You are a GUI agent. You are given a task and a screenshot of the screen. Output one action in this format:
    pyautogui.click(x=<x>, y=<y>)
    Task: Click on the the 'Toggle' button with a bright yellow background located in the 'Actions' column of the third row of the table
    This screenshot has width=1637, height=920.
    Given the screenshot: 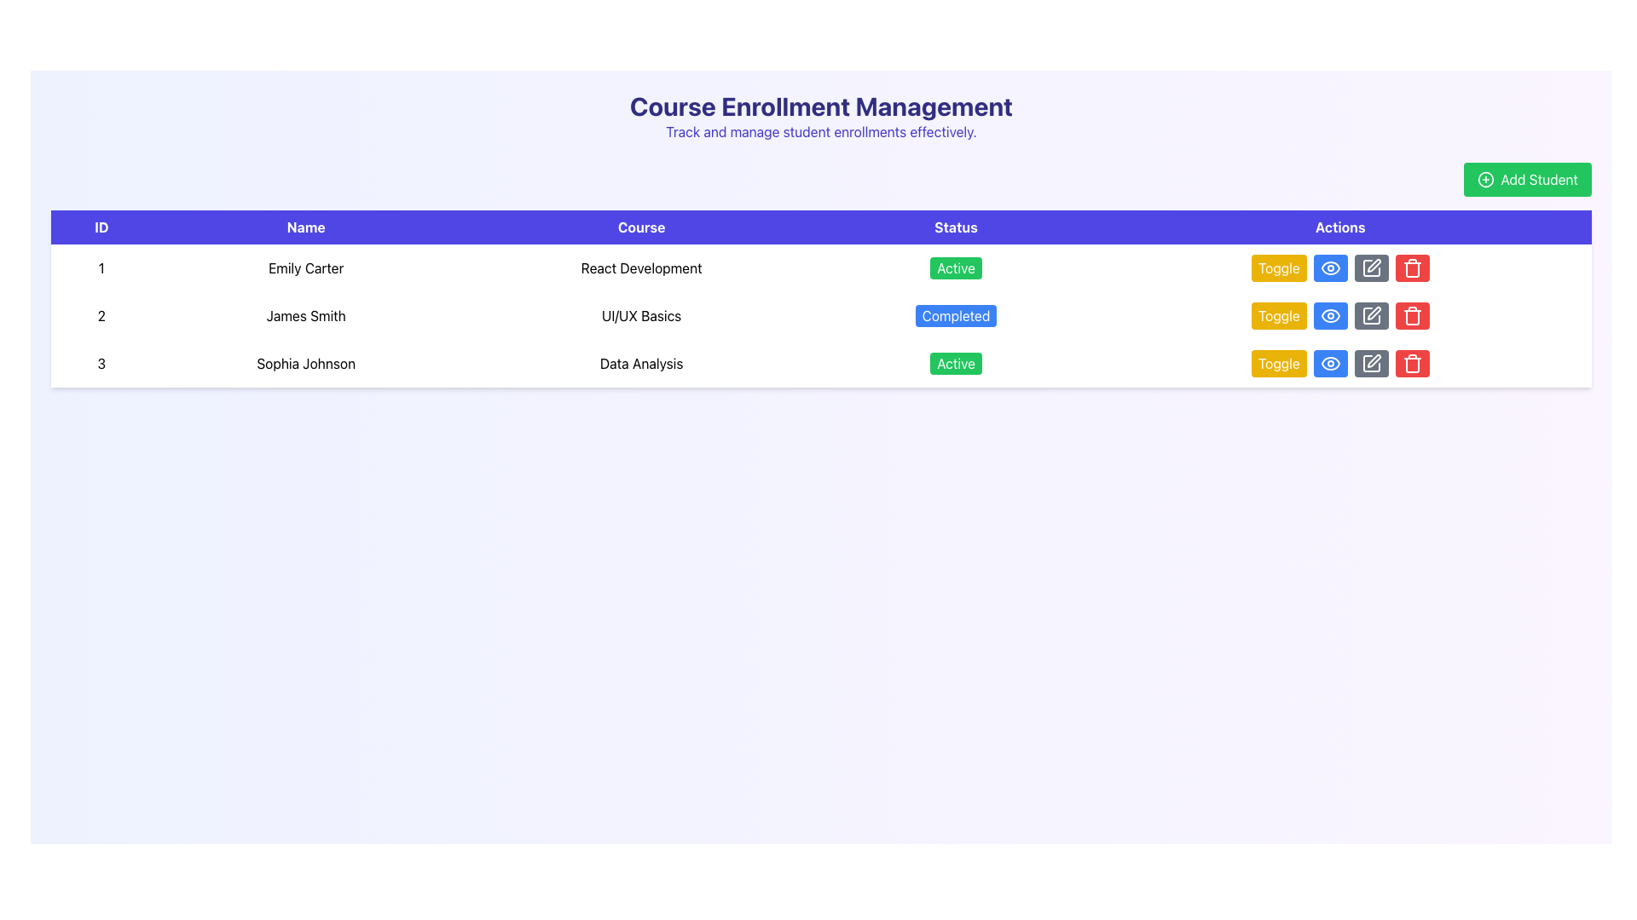 What is the action you would take?
    pyautogui.click(x=1278, y=363)
    